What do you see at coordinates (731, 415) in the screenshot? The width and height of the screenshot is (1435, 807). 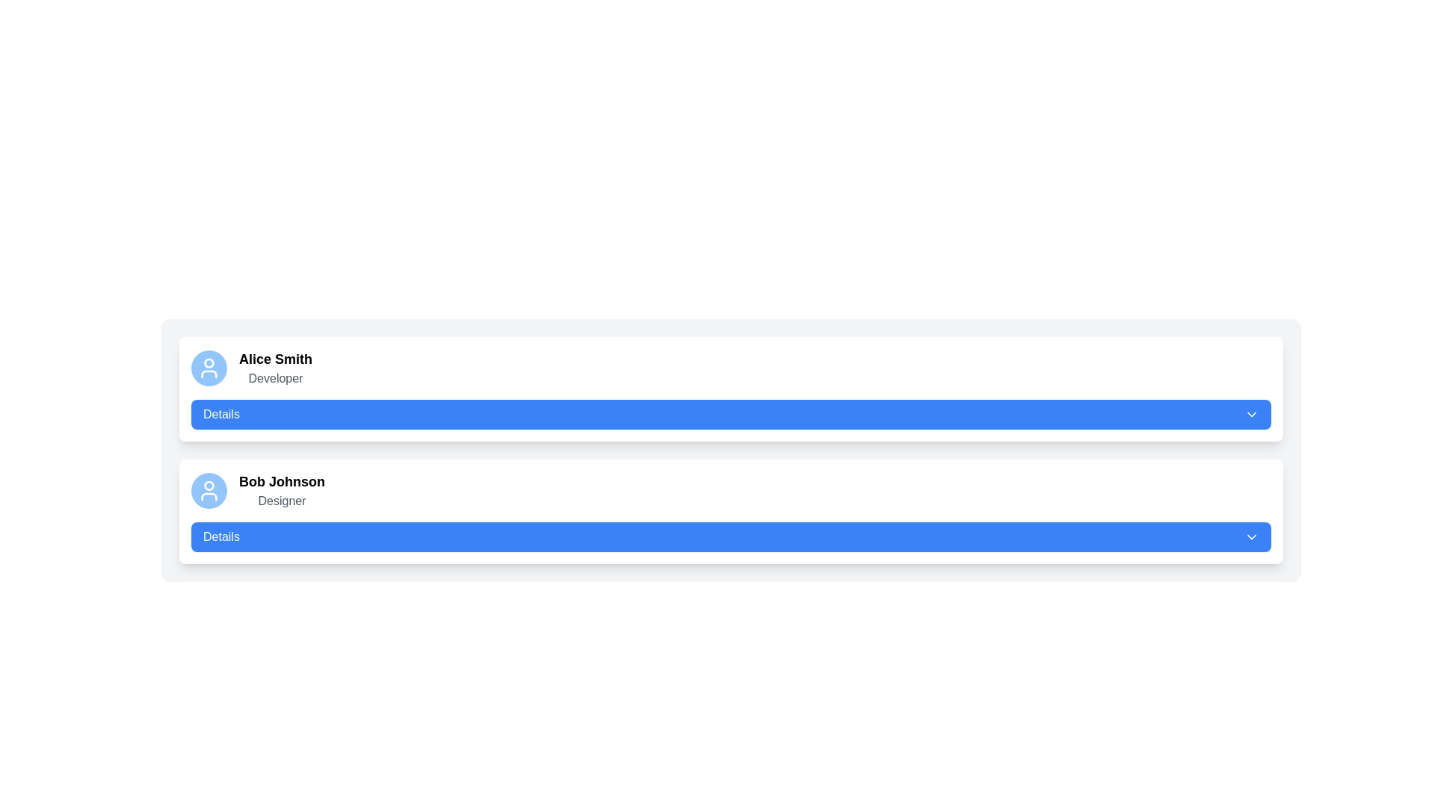 I see `the button located at the bottom of the card related to 'Alice Smith'` at bounding box center [731, 415].